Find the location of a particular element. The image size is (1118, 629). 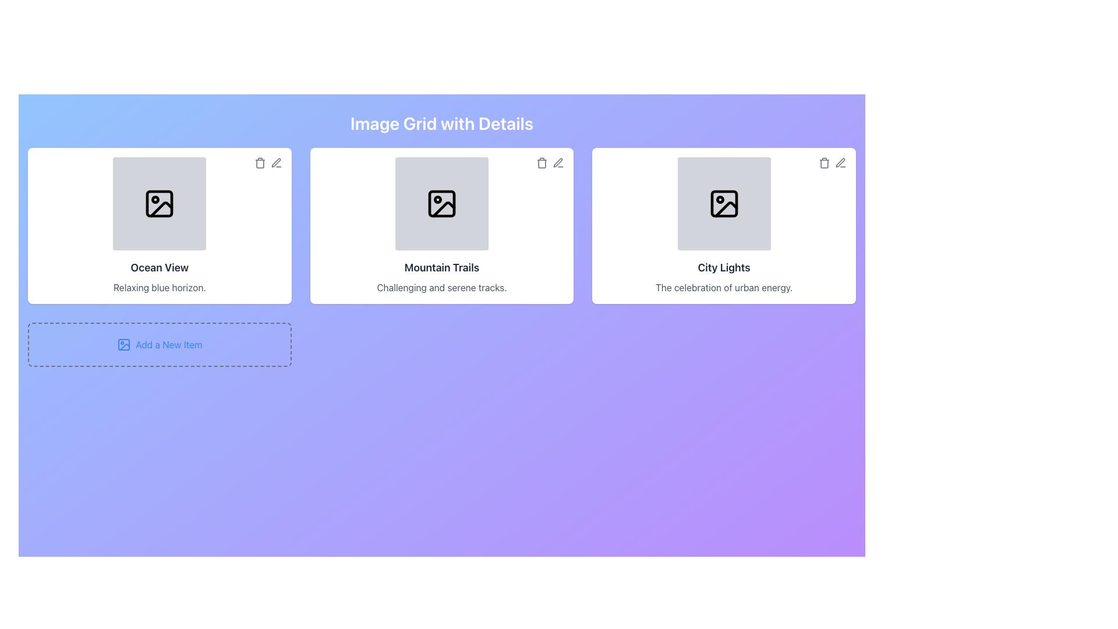

the text label reading 'Relaxing blue horizon' which is styled in a smaller font size and grayish color, located within the 'Ocean View' card component below the header text 'Ocean View' is located at coordinates (159, 287).